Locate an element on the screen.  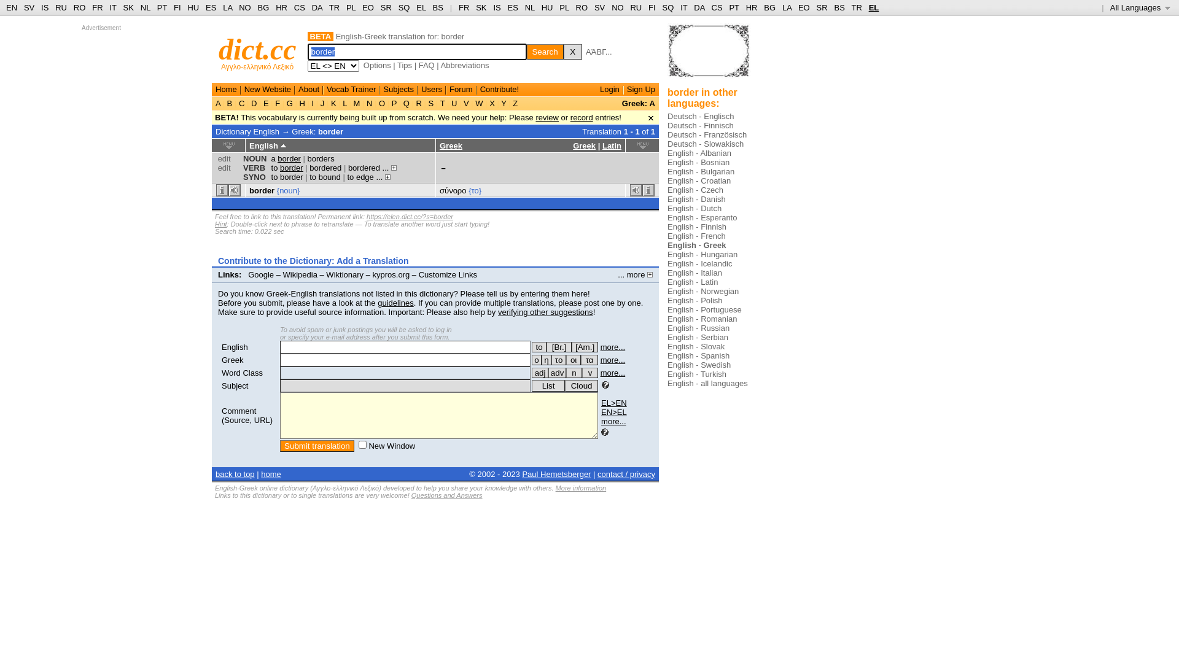
'English - Polish' is located at coordinates (695, 300).